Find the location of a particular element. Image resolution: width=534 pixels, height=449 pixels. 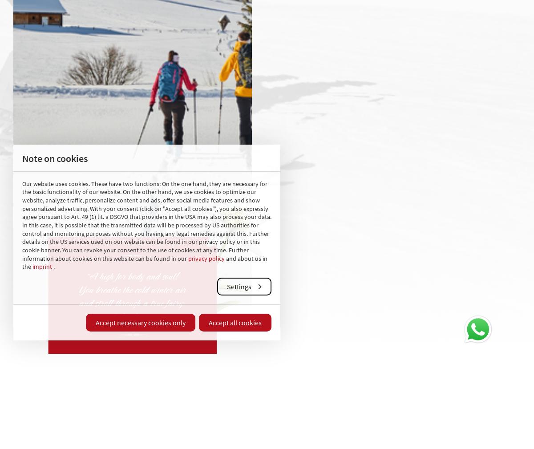

'Folk Heritage' is located at coordinates (192, 418).